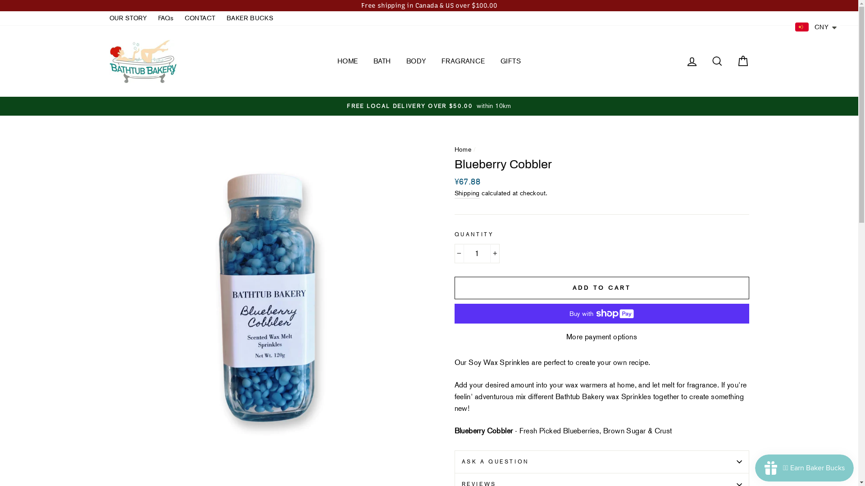  What do you see at coordinates (382, 61) in the screenshot?
I see `'BATH'` at bounding box center [382, 61].